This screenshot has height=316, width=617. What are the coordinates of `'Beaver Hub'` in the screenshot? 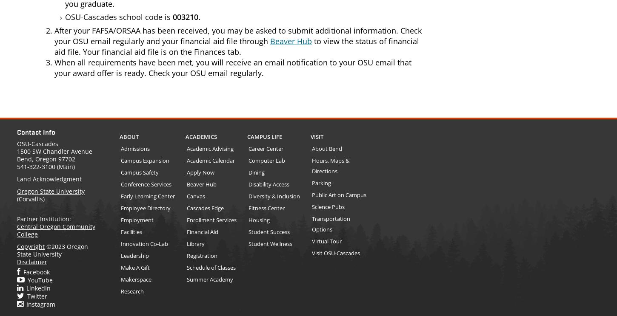 It's located at (290, 40).